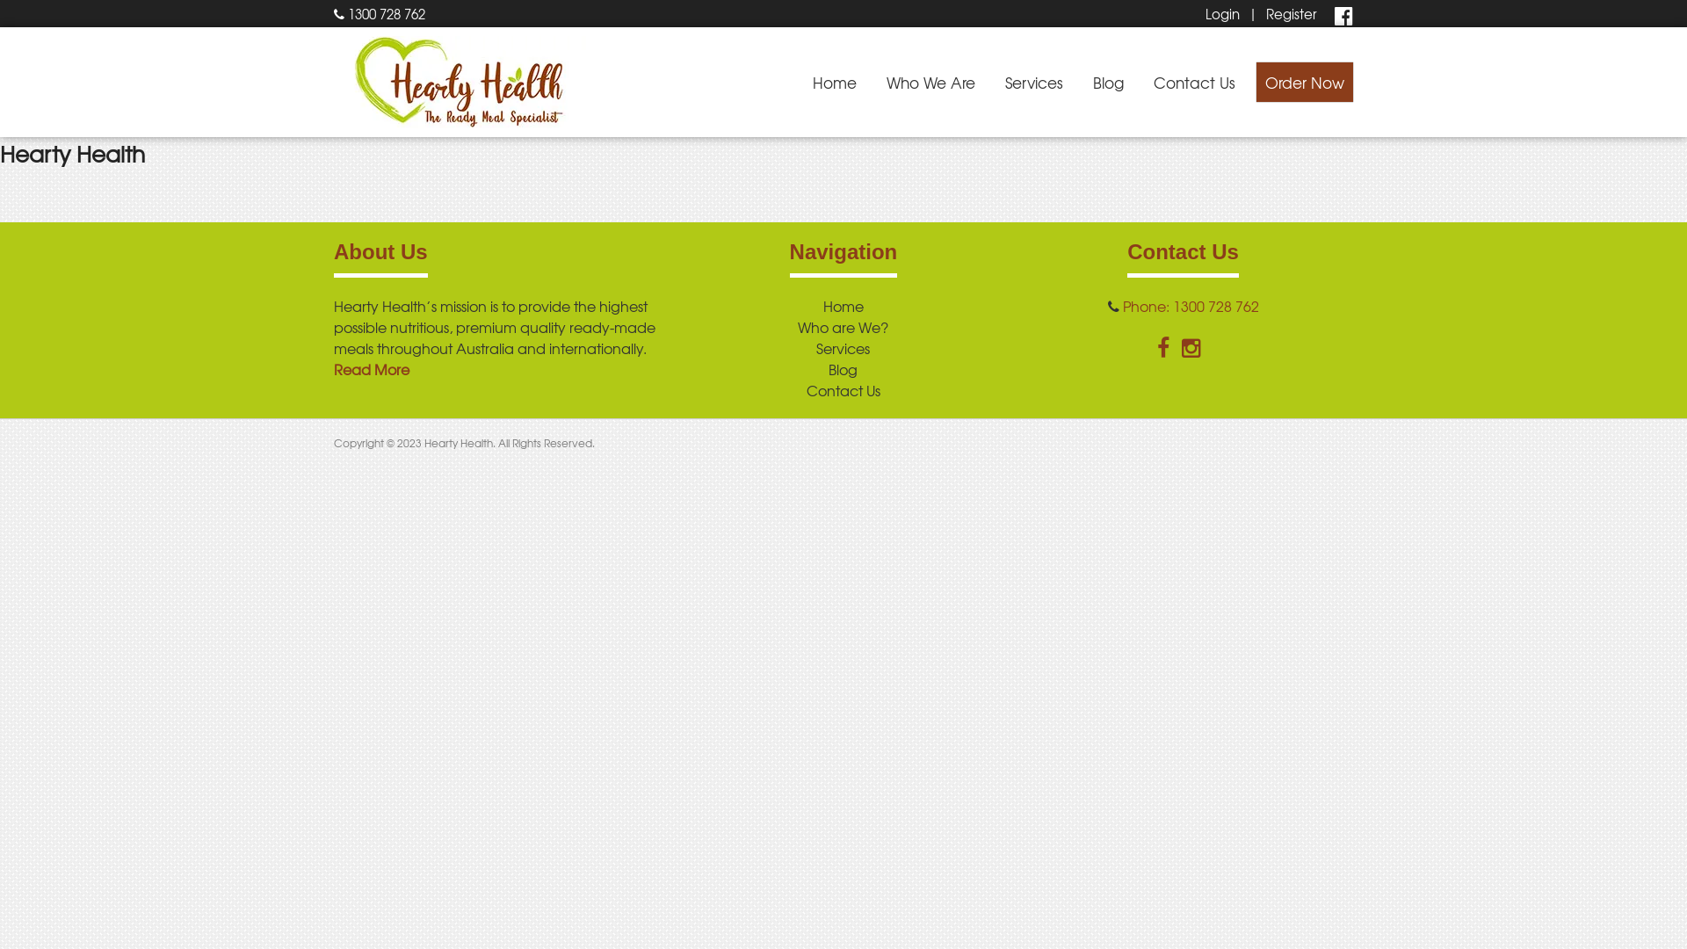 This screenshot has height=949, width=1687. I want to click on 'Register', so click(1291, 13).